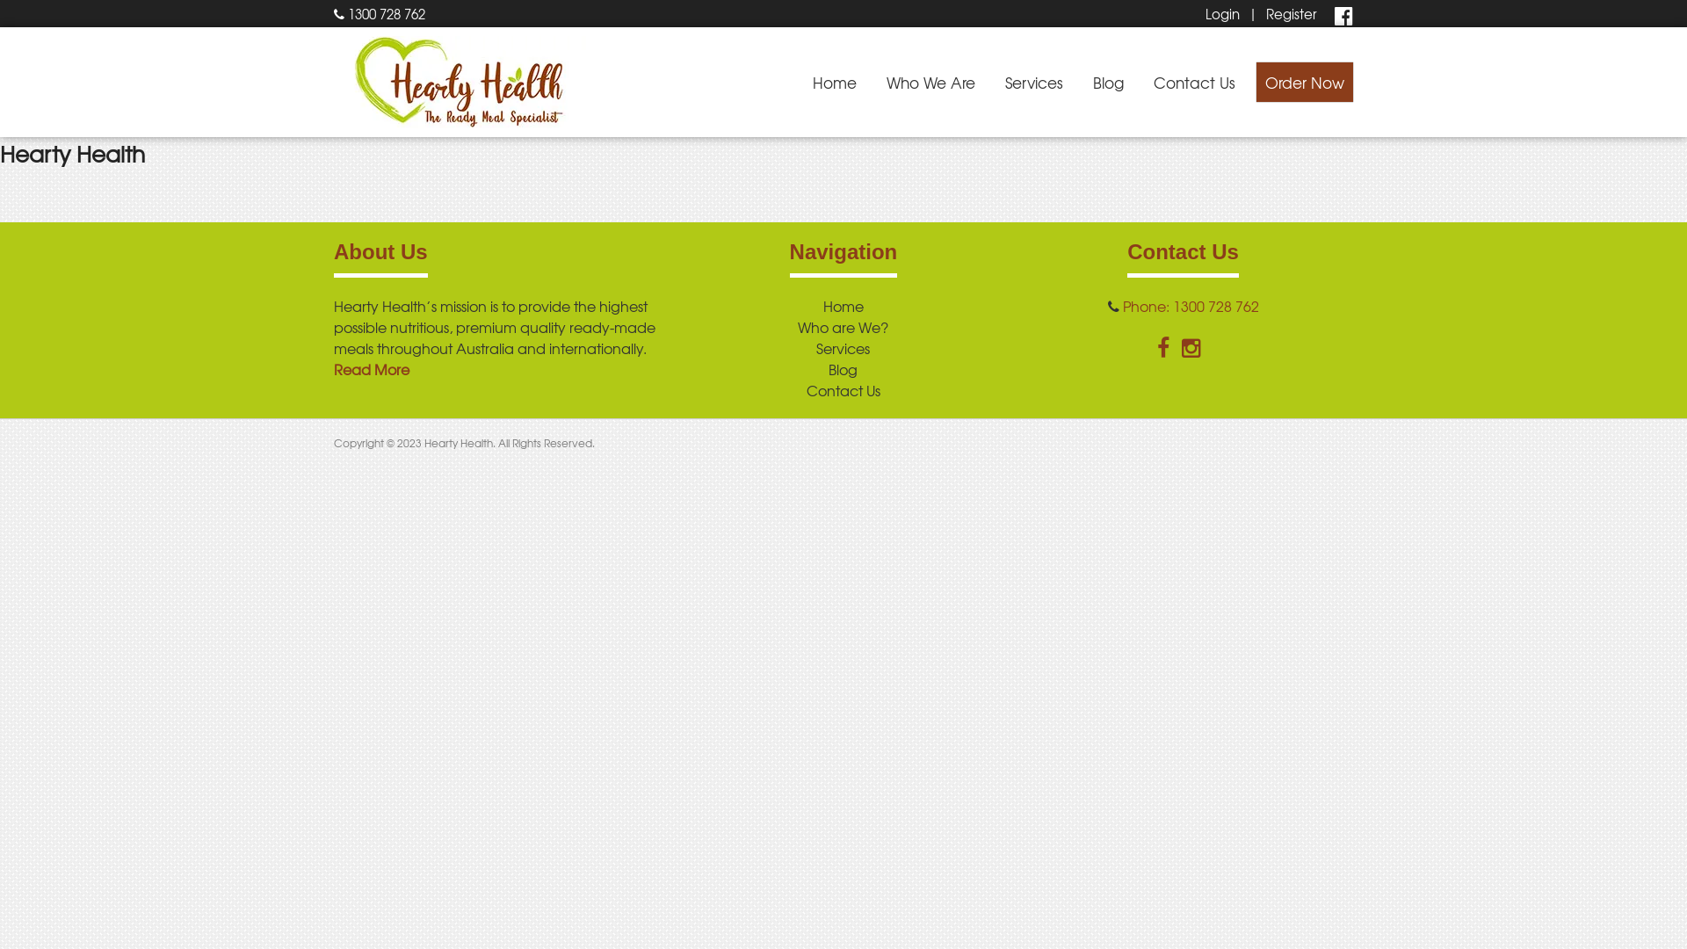 This screenshot has height=949, width=1687. I want to click on 'Register', so click(1291, 13).